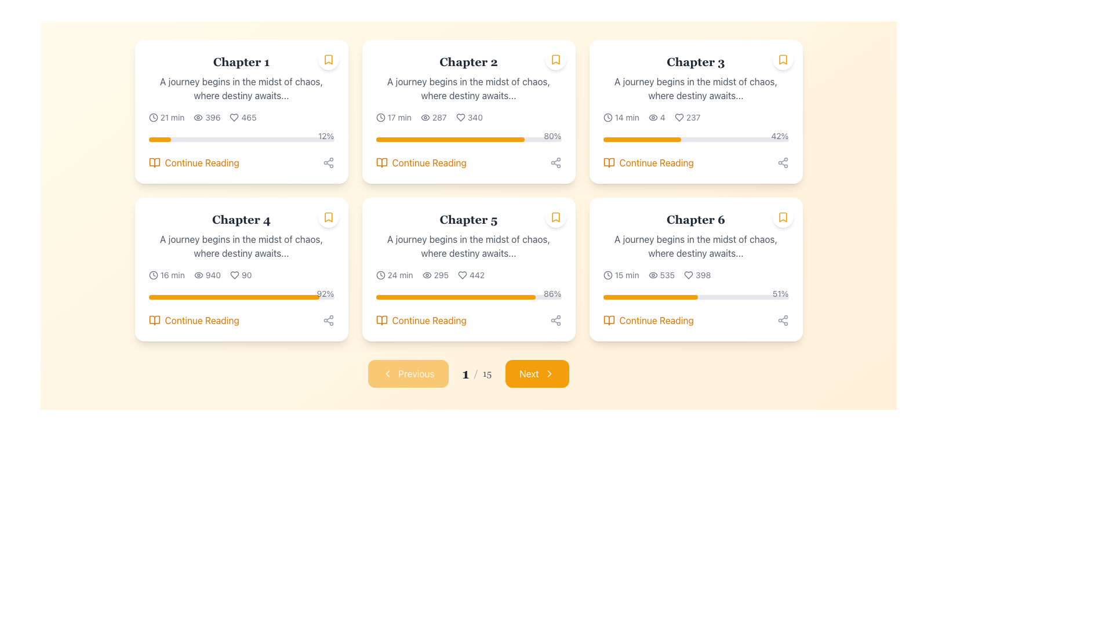 The image size is (1113, 626). I want to click on the static display element showing a numeric value under 'Chapter 2', located between '17 min' and '340', for inspection of its text, so click(433, 118).